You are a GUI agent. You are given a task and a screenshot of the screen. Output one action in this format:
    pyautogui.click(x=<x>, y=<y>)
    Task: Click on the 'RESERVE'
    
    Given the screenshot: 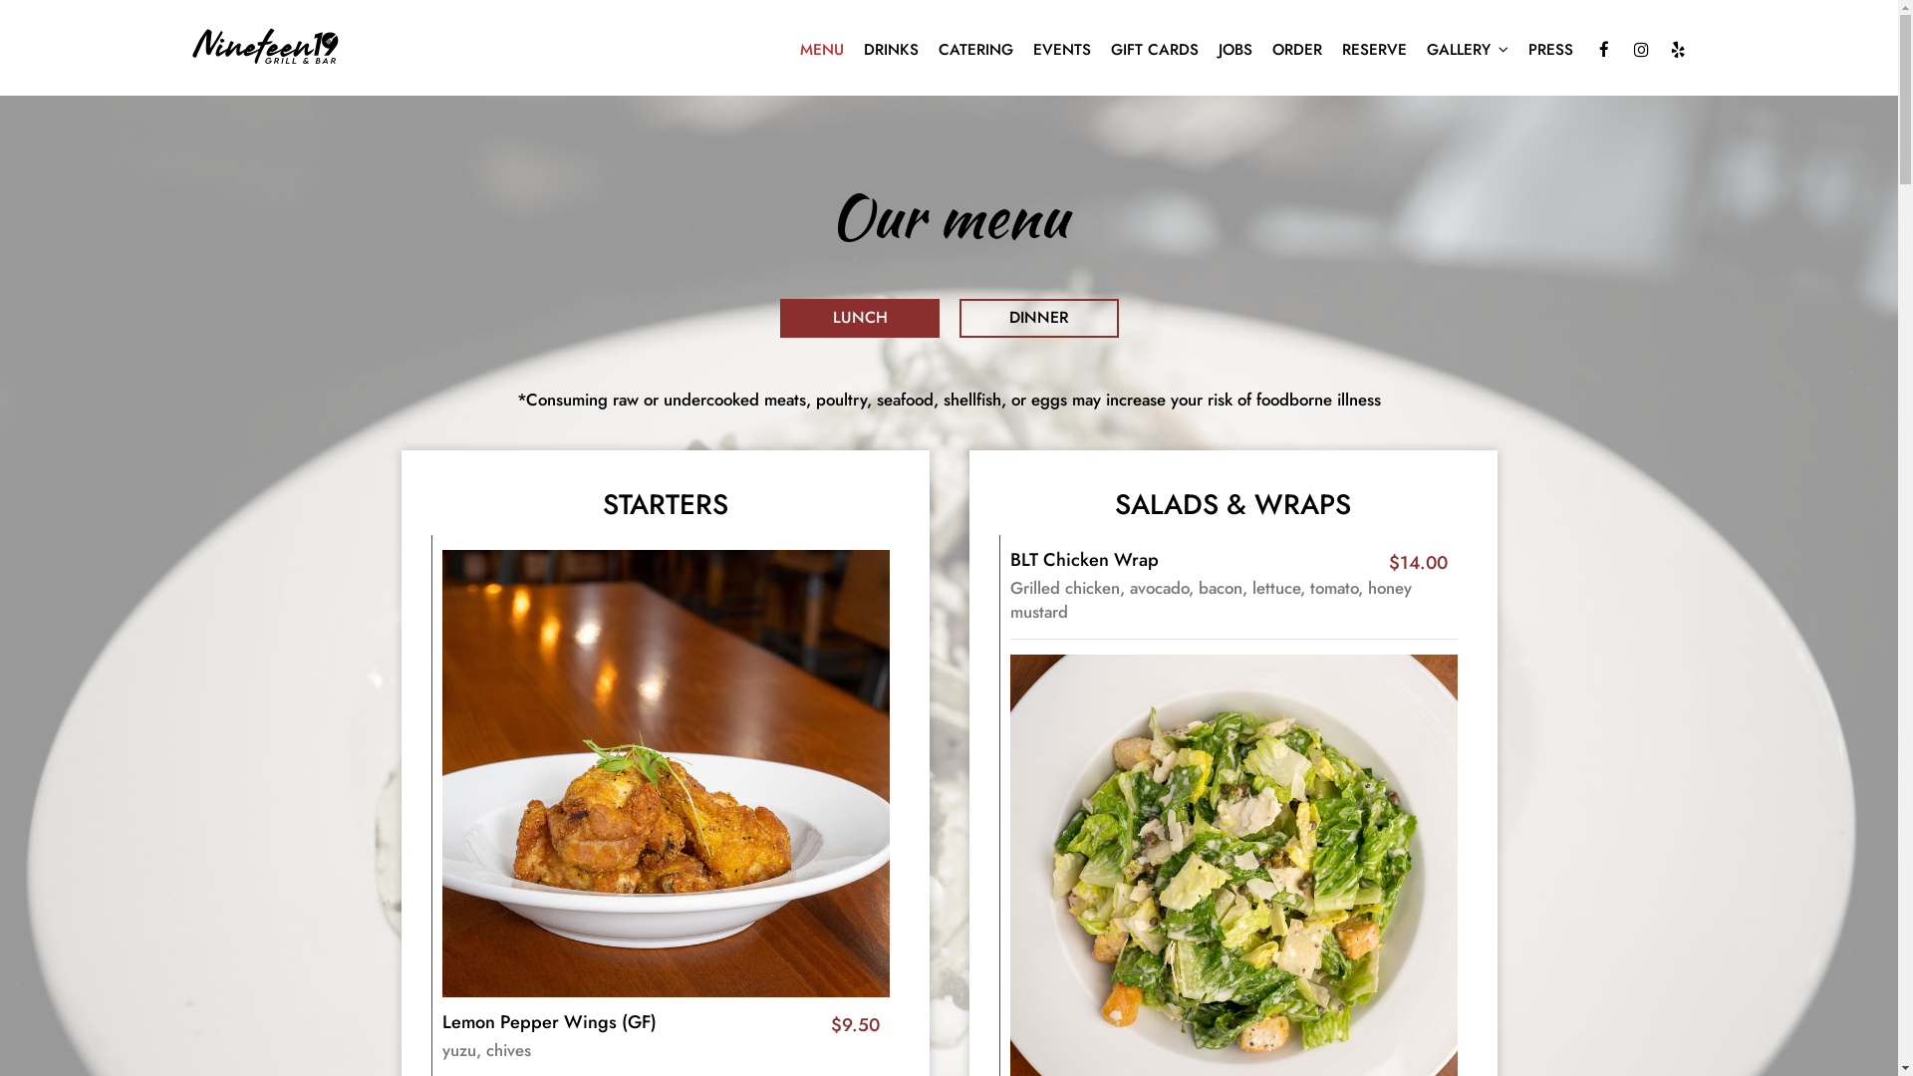 What is the action you would take?
    pyautogui.click(x=1372, y=49)
    